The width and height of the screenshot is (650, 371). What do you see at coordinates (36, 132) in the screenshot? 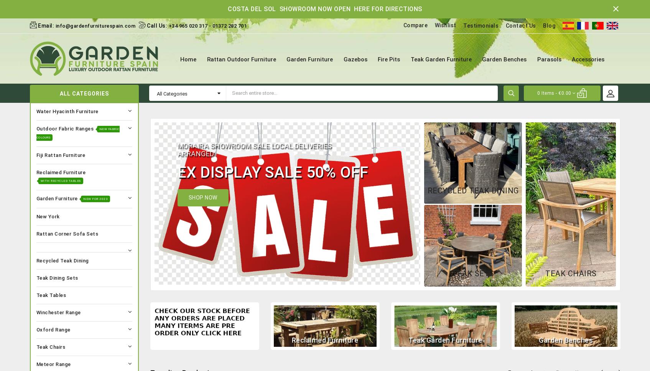
I see `'New Fabric Colours'` at bounding box center [36, 132].